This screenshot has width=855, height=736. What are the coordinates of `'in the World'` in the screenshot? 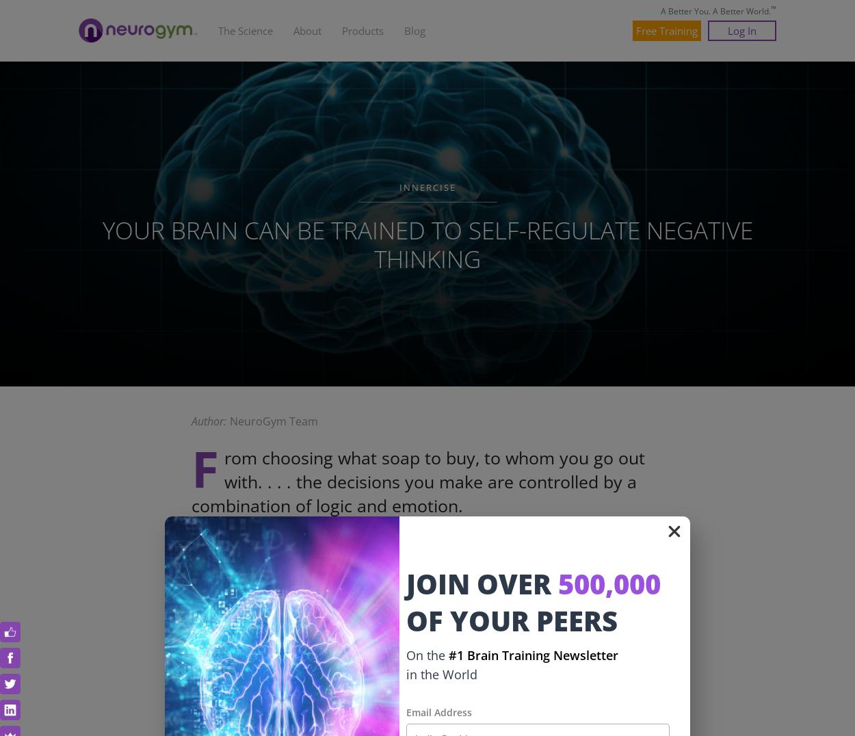 It's located at (442, 673).